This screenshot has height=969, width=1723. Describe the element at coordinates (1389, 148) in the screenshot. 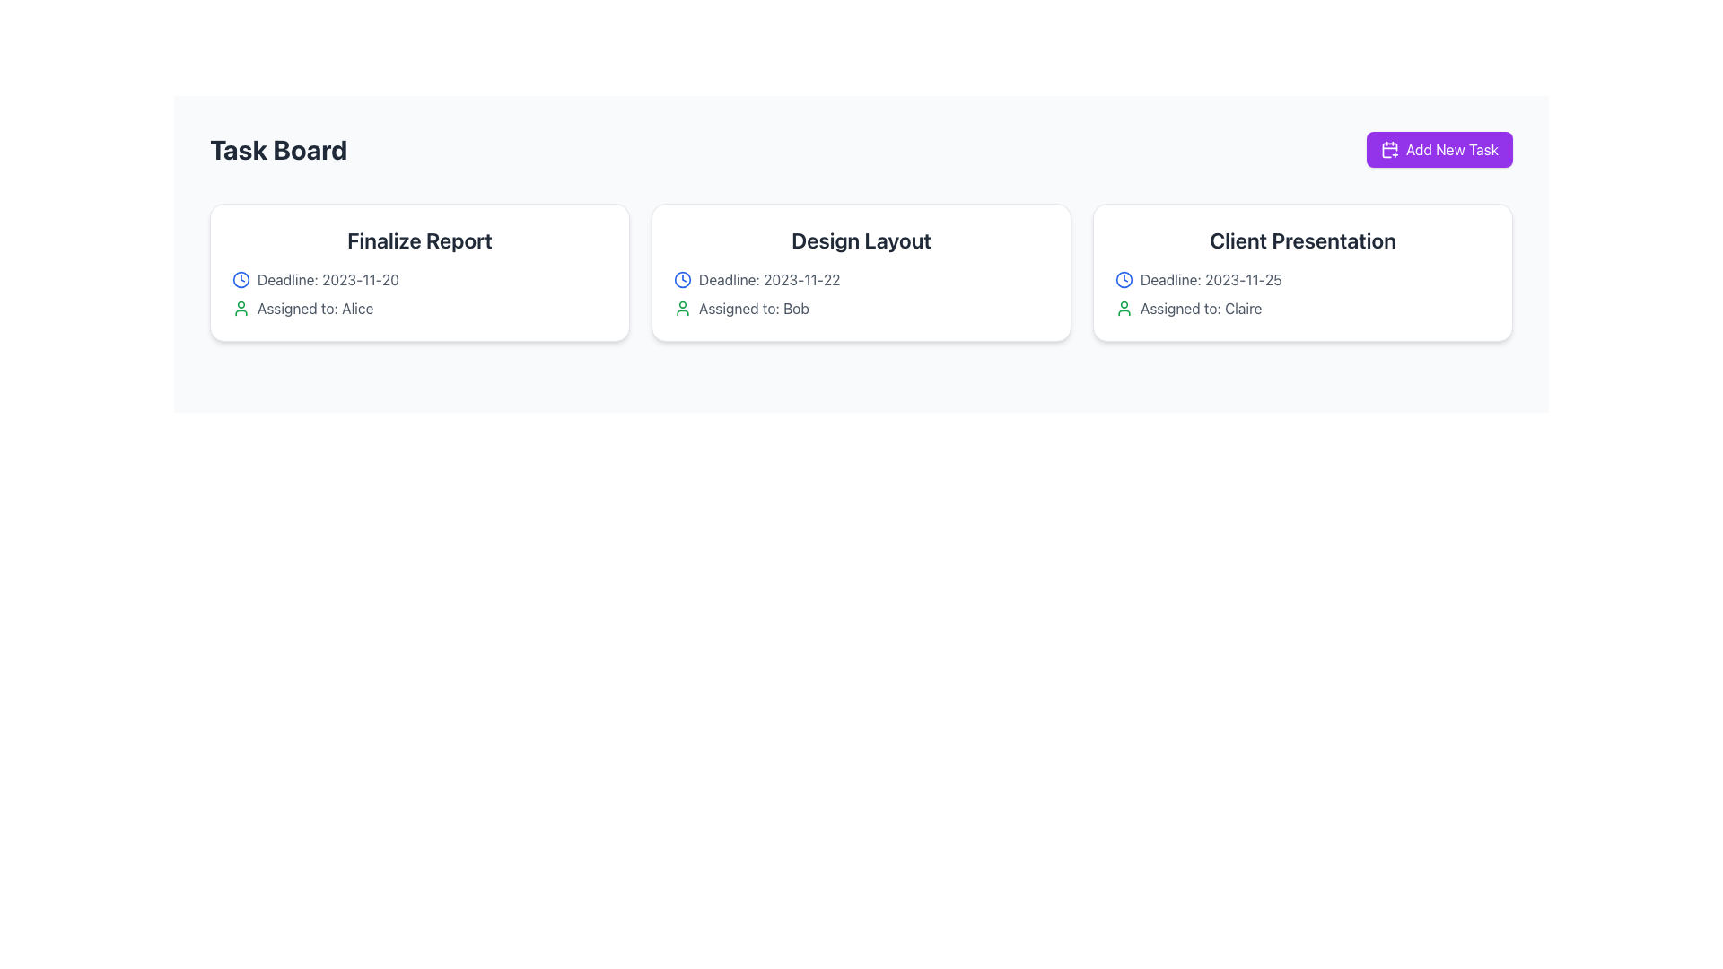

I see `the calendar icon with a plus sign located on the left side of the 'Add New Task' button, which is a rounded rectangular purple button in the top right corner of the interface` at that location.